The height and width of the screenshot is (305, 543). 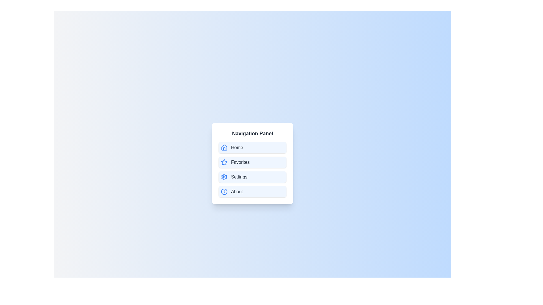 I want to click on the 'Home' button at the top of the vertical navigation menu to potentially reveal tooltips or highlight it, so click(x=252, y=147).